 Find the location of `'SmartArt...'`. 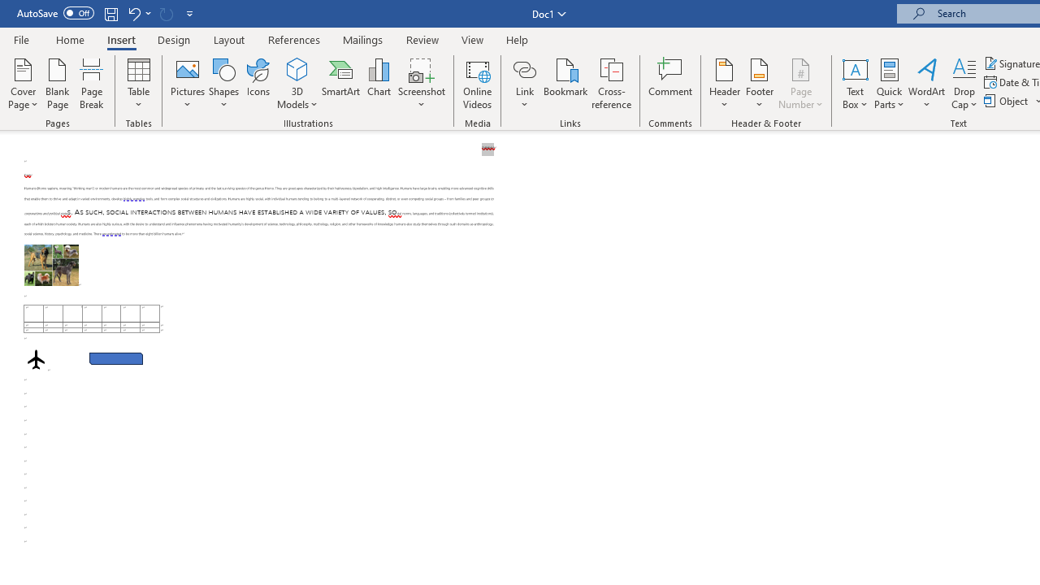

'SmartArt...' is located at coordinates (340, 84).